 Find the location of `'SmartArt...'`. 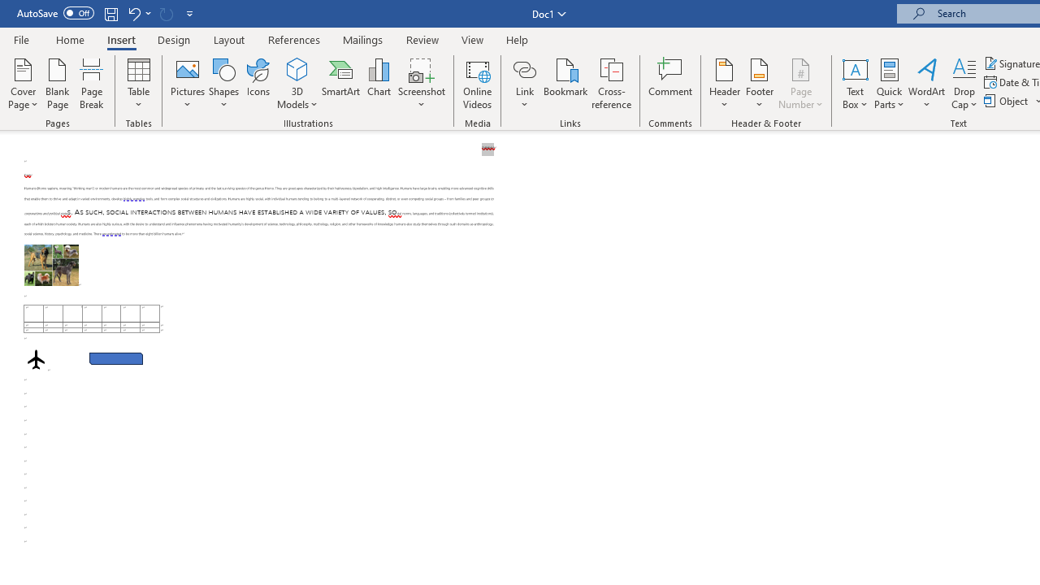

'SmartArt...' is located at coordinates (340, 84).